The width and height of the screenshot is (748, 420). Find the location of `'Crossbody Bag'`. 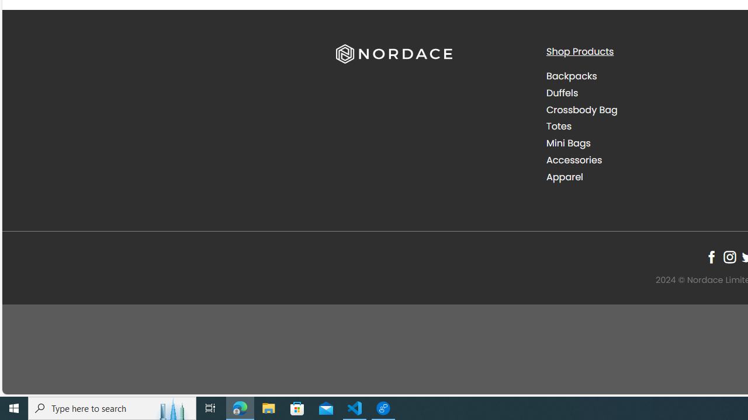

'Crossbody Bag' is located at coordinates (642, 110).